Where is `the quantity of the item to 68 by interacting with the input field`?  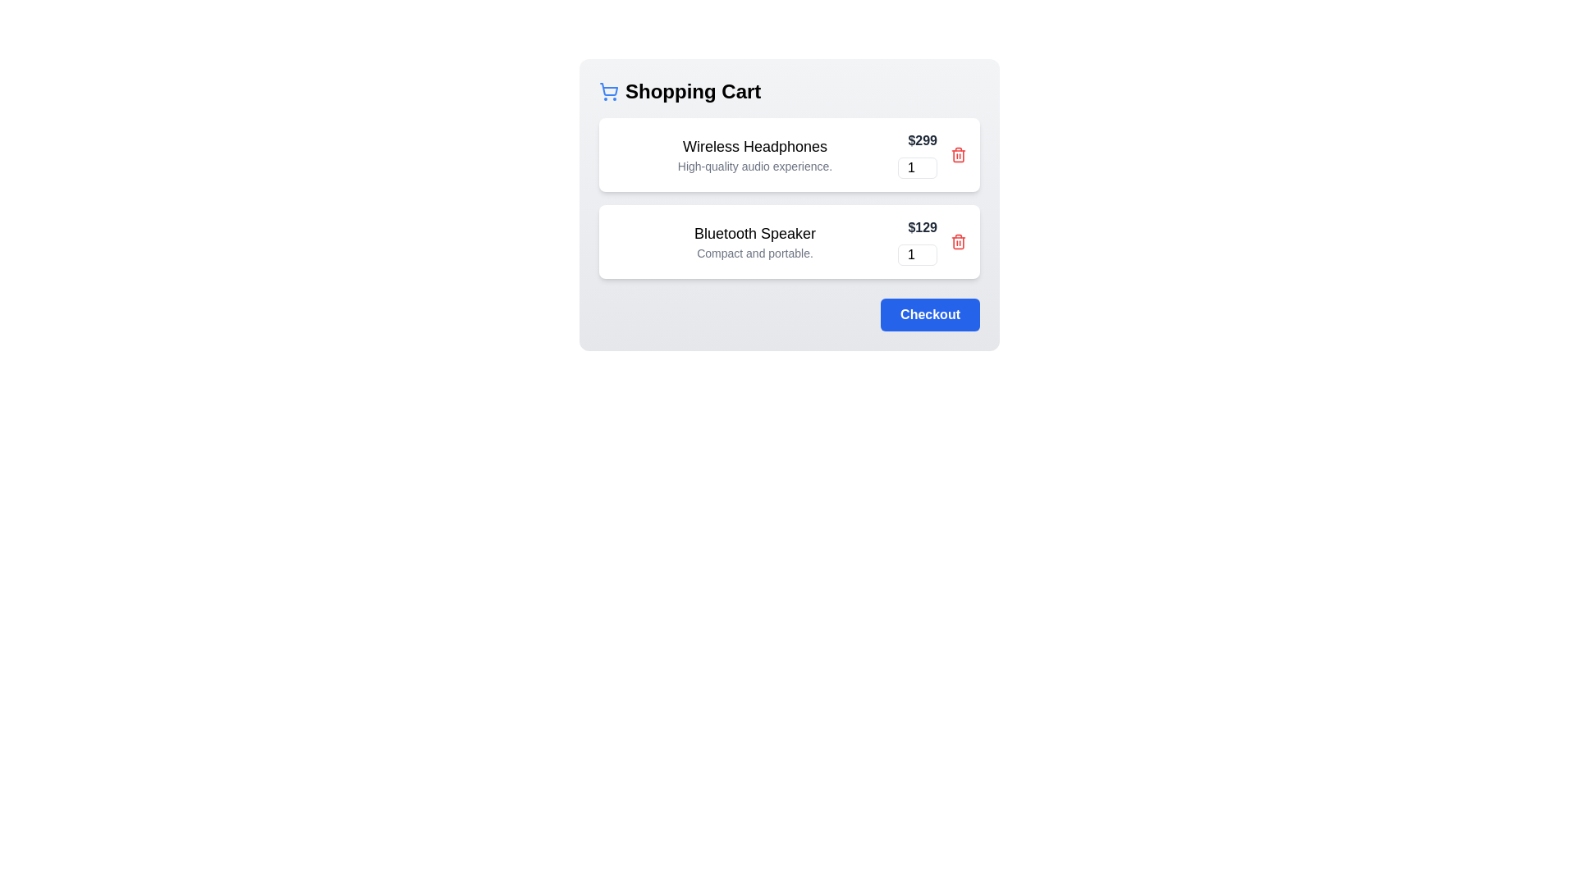 the quantity of the item to 68 by interacting with the input field is located at coordinates (917, 167).